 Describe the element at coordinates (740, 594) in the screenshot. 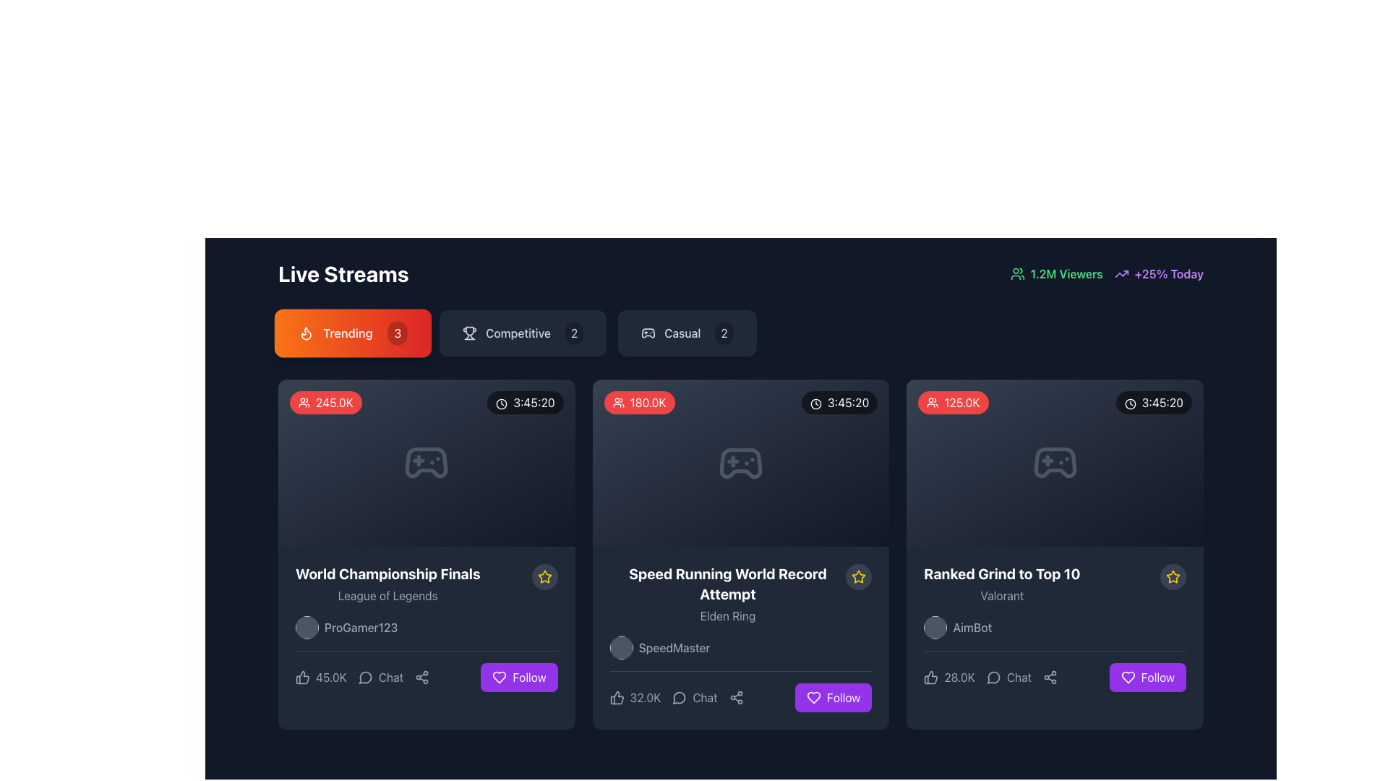

I see `the text-based display element that features the bold title 'Speed Running World Record Attempt' and the smaller subtitle 'Elden Ring', positioned in the central card of a three-card layout` at that location.